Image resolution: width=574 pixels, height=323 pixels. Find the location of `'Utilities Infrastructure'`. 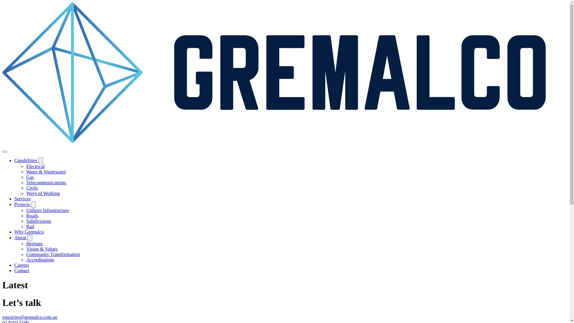

'Utilities Infrastructure' is located at coordinates (47, 210).